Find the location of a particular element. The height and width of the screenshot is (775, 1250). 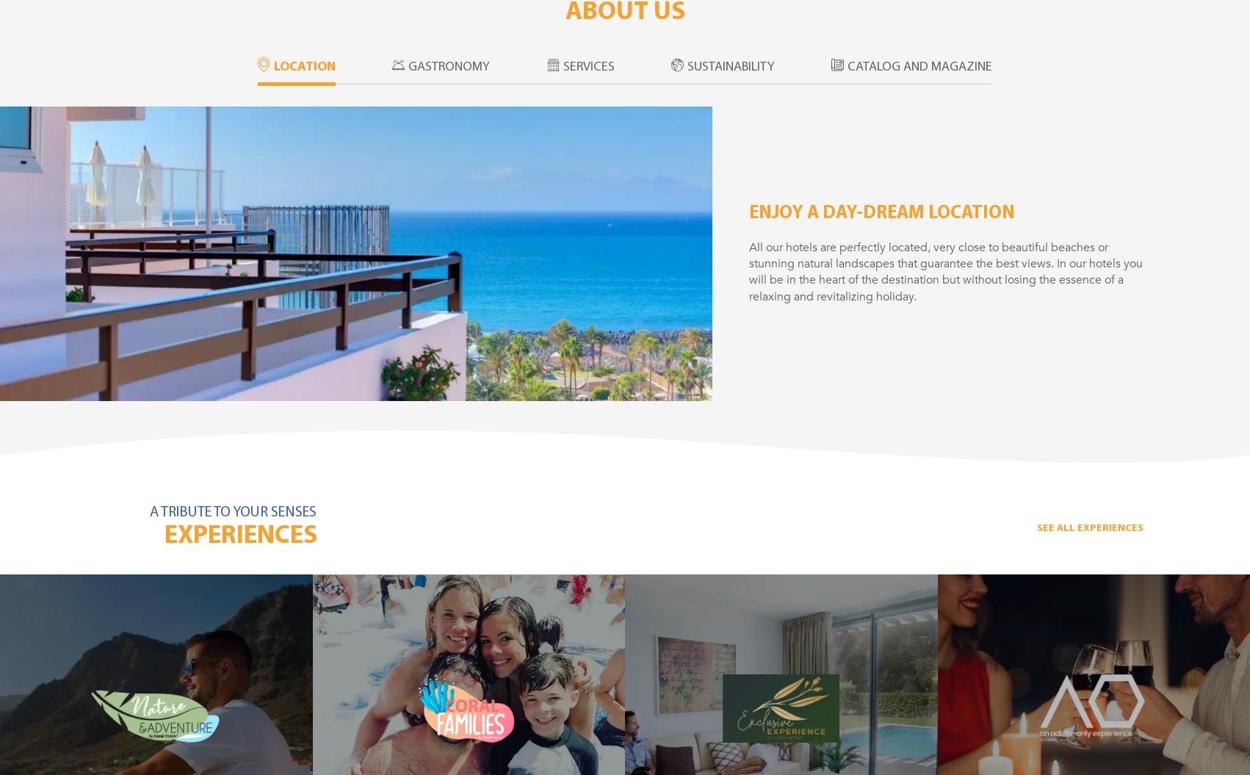

'GASTRONOMY' is located at coordinates (449, 66).